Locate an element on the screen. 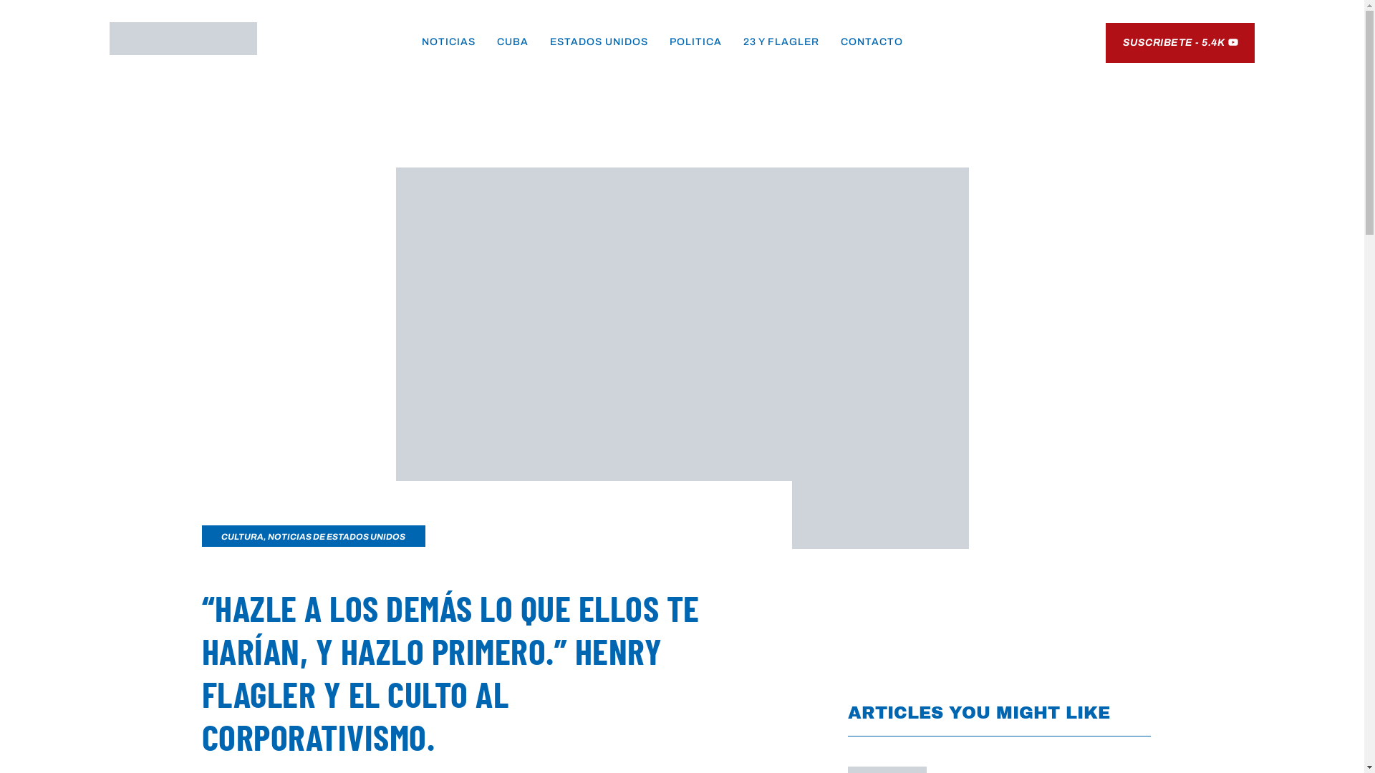 This screenshot has height=773, width=1375. '23 Y FLAGLER' is located at coordinates (780, 41).